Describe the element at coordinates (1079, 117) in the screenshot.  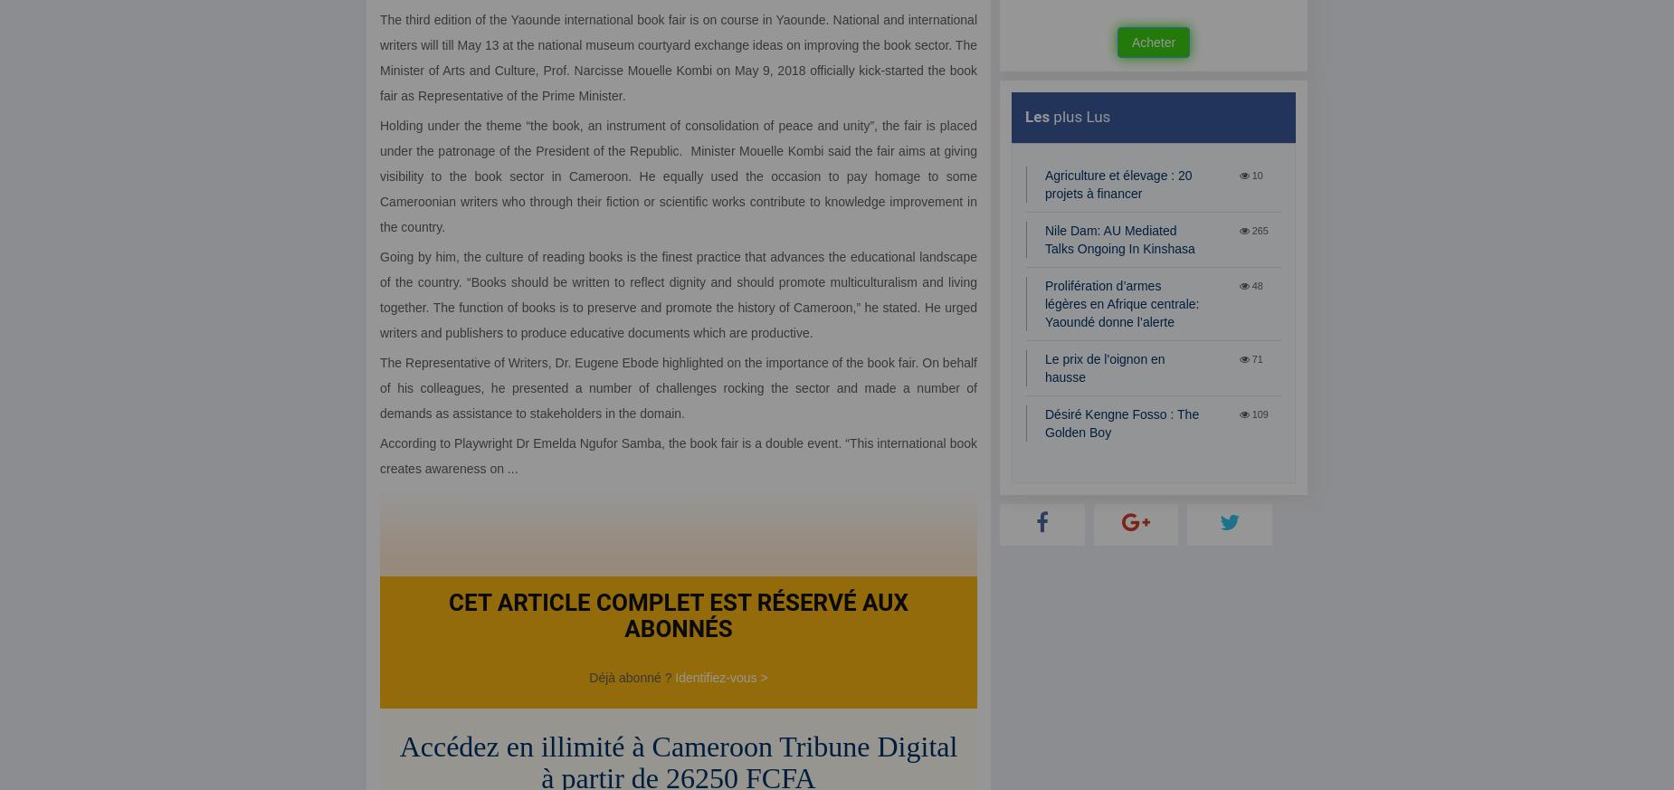
I see `'plus Lus'` at that location.